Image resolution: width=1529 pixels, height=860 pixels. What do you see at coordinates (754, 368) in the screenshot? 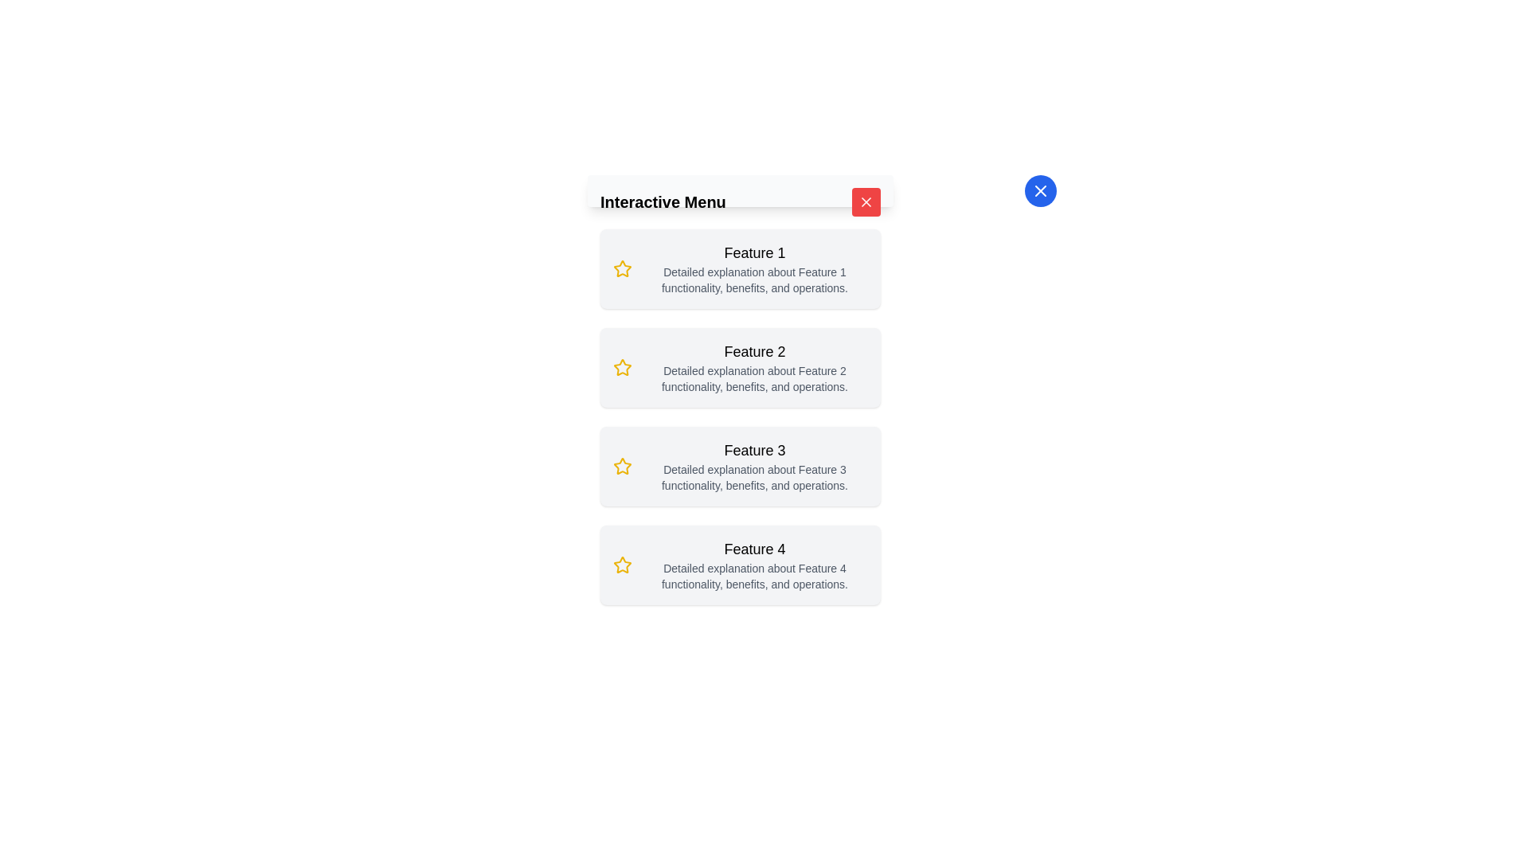
I see `the Text Block informing users about 'Feature 2', which is located directly below 'Feature 1' and above 'Feature 3'` at bounding box center [754, 368].